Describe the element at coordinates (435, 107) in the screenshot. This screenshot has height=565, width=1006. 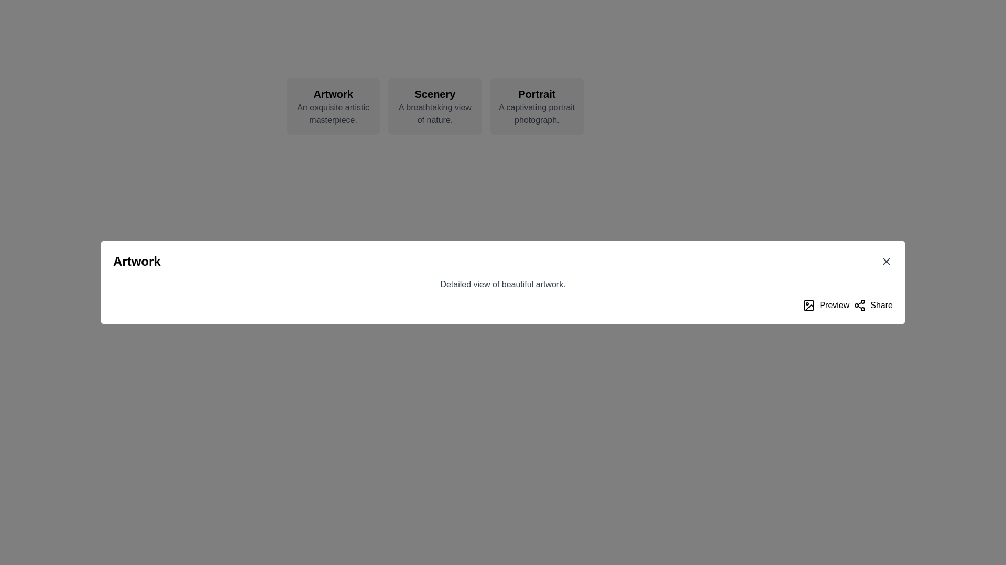
I see `the Interactive Card positioned between the 'Artwork' and 'Portrait' elements in the three-column grid layout` at that location.